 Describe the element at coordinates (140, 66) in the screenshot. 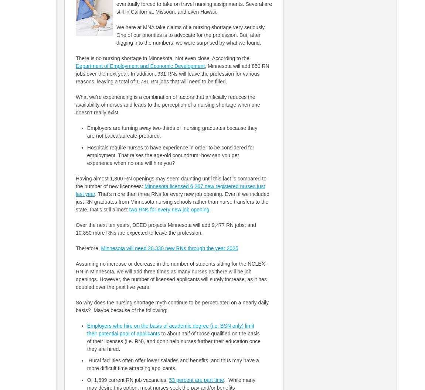

I see `'Department of Employment and Economic Development'` at that location.